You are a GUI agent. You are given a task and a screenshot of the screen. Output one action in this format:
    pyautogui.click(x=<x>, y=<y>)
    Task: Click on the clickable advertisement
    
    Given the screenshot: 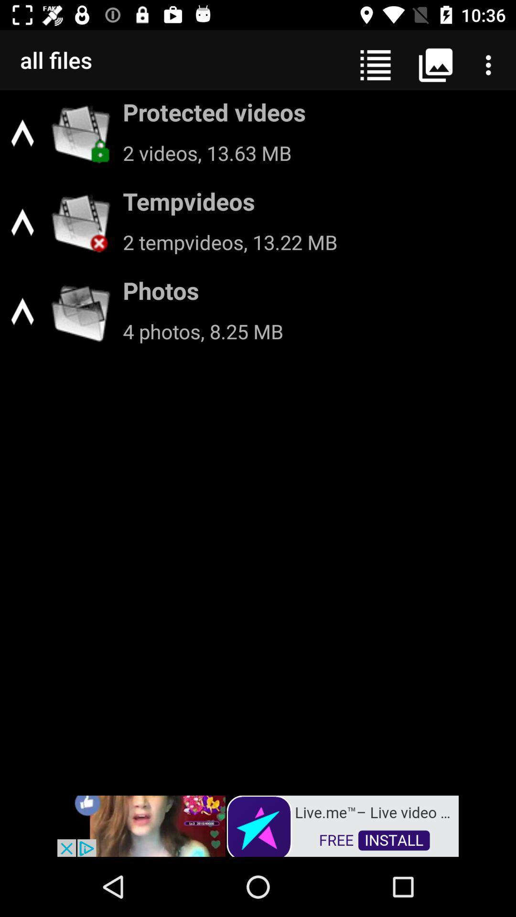 What is the action you would take?
    pyautogui.click(x=258, y=825)
    